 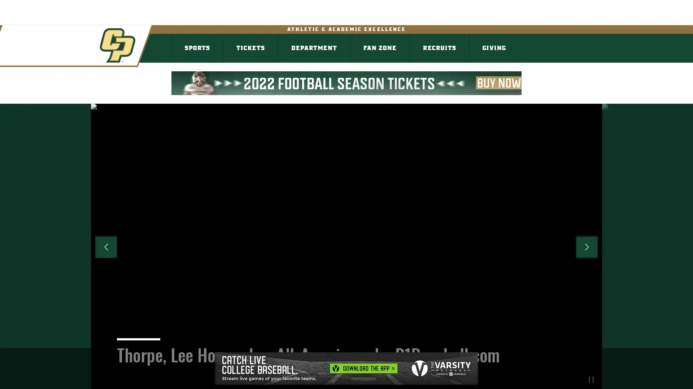 What do you see at coordinates (263, 19) in the screenshot?
I see `Toggle game links` at bounding box center [263, 19].